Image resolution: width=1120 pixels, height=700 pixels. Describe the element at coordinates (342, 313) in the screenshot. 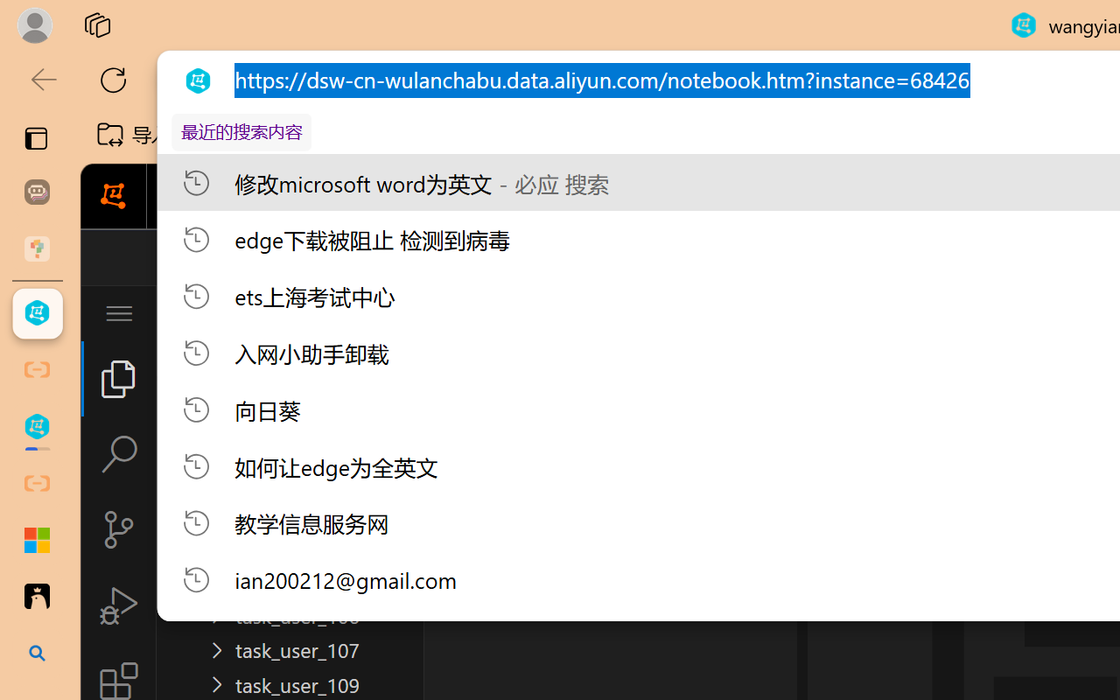

I see `'Explorer actions'` at that location.